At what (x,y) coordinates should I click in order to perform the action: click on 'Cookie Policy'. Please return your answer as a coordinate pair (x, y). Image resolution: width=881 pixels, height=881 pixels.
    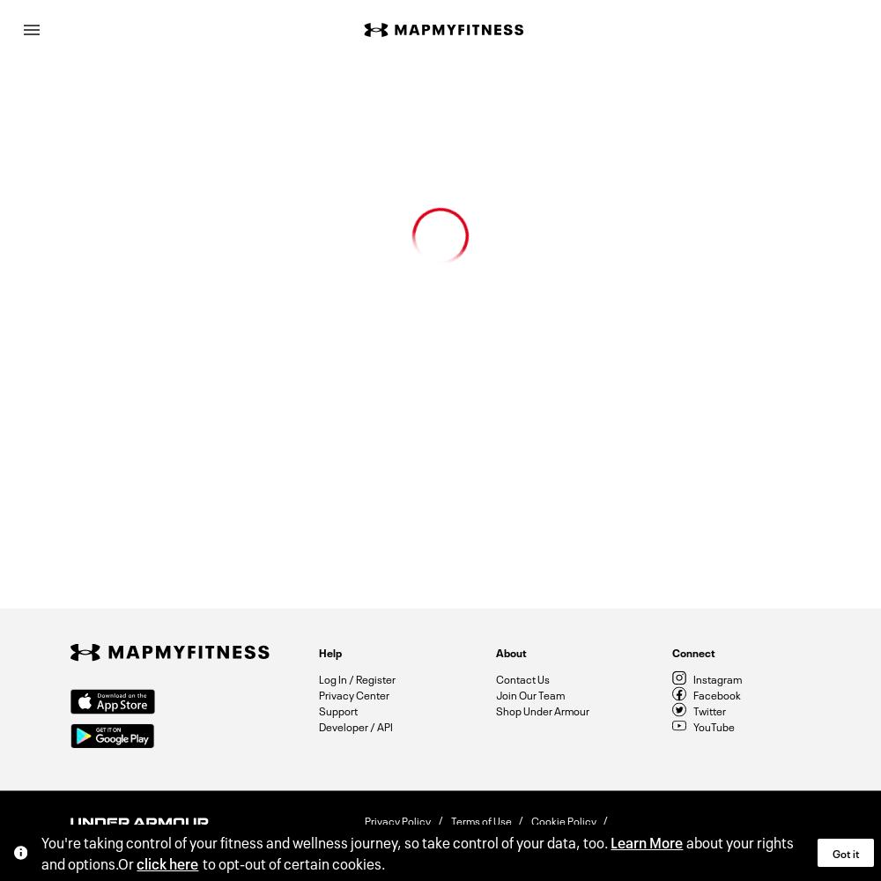
    Looking at the image, I should click on (564, 819).